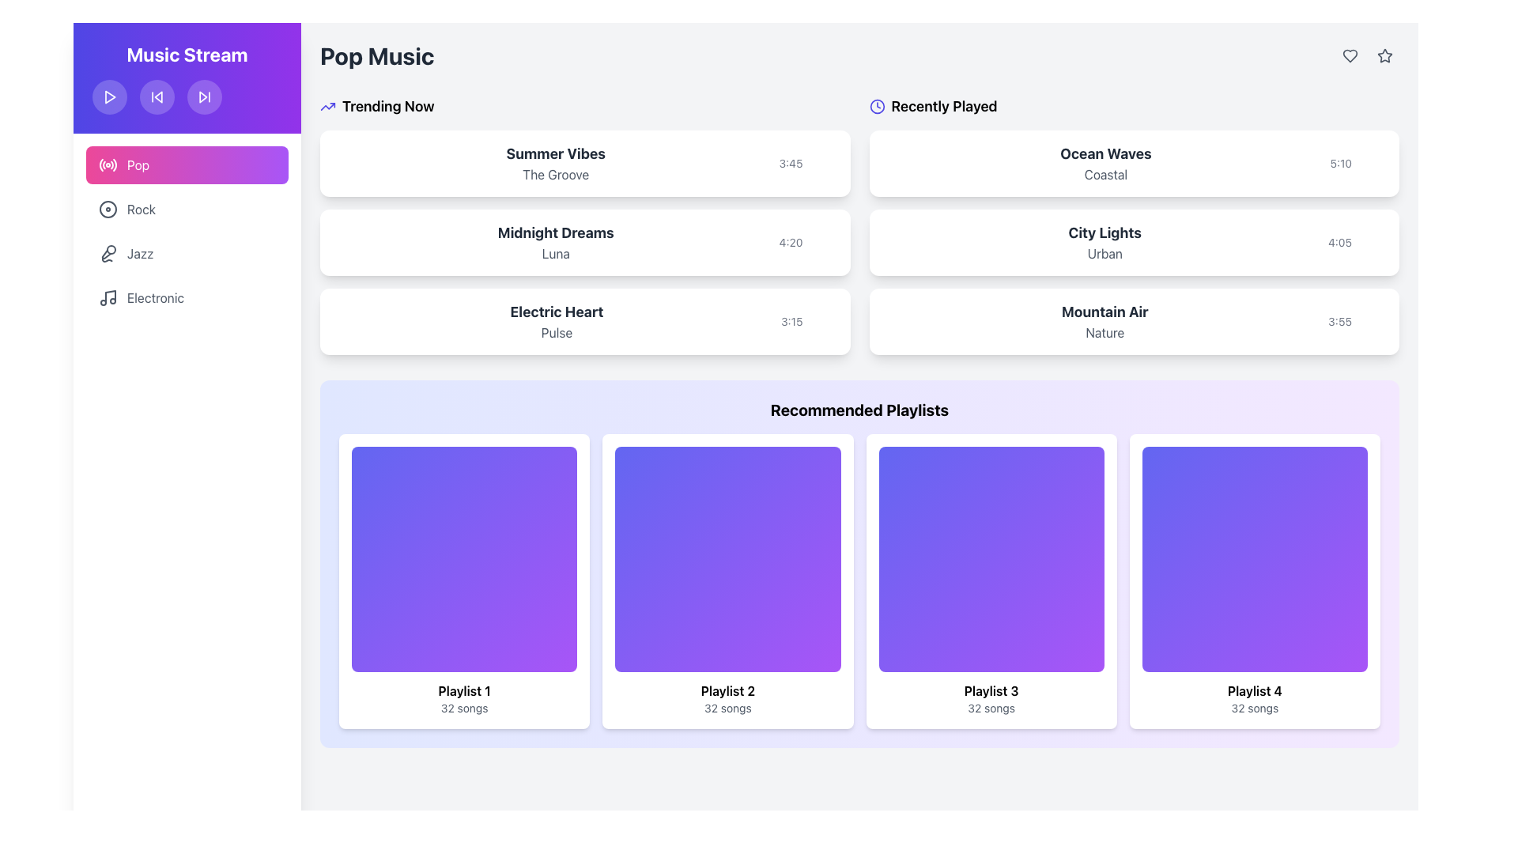  What do you see at coordinates (109, 296) in the screenshot?
I see `the decorative icon indicating the 'Electronic' music genre located in the navigation menu, specifically next to the 'Electronic' label` at bounding box center [109, 296].